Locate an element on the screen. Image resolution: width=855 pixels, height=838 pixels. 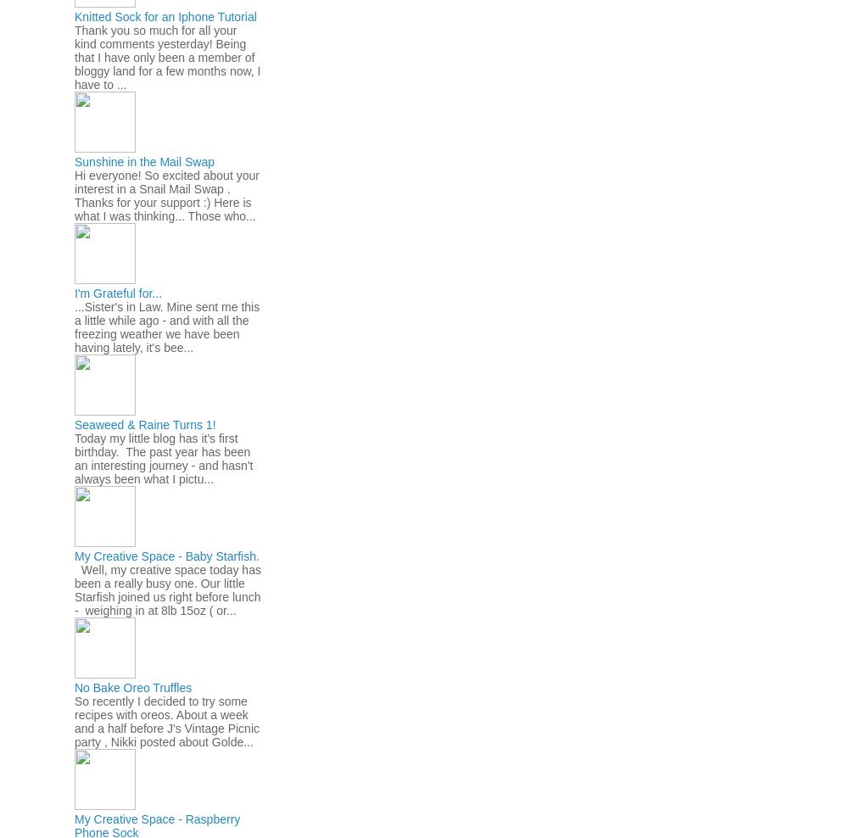
'...Sister's in Law.    Mine sent me this a little while ago - and with all the freezing weather we have been having lately, it's bee...' is located at coordinates (166, 326).